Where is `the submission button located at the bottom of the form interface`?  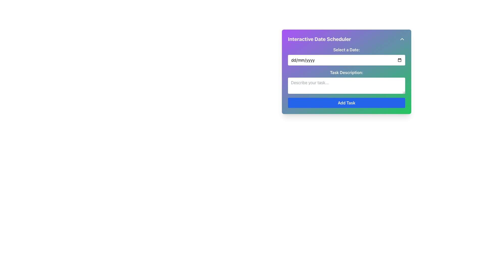
the submission button located at the bottom of the form interface is located at coordinates (346, 103).